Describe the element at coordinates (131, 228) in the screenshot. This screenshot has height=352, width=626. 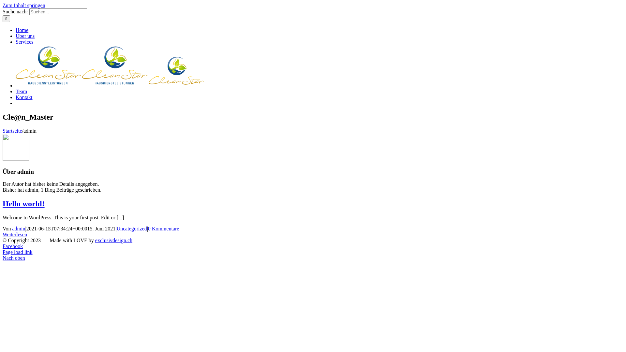
I see `'Uncategorized'` at that location.